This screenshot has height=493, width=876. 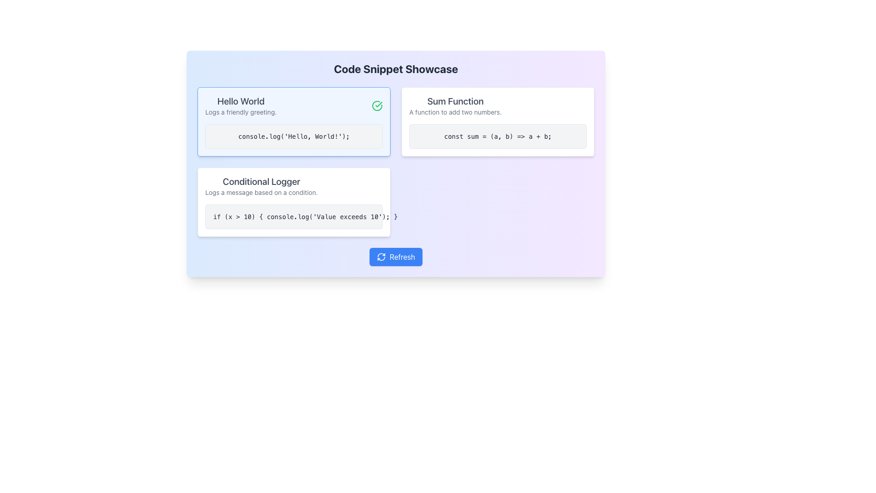 I want to click on the descriptive text element that reads 'A function to add two numbers.' located beneath the title 'Sum Function' in the top-right block of the interface, so click(x=455, y=112).